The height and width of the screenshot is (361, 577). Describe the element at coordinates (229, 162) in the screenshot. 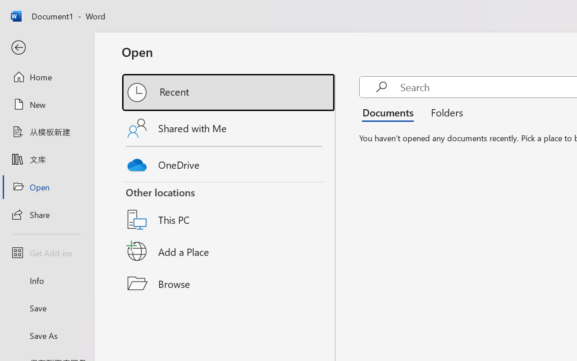

I see `'OneDrive'` at that location.